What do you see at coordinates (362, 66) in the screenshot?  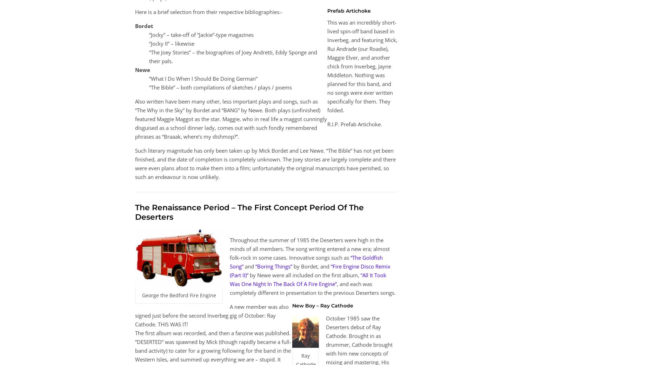 I see `'This was an incredibly short-lived spin-off band based in Inverbeg, and featuring Mick, Rui Andrade (our Roadie), Maggie Elver, and another chick from Inverbeg, Jayne Middleton. Nothing was planned for this band, and no songs were ever written specifically for them. They folded.'` at bounding box center [362, 66].